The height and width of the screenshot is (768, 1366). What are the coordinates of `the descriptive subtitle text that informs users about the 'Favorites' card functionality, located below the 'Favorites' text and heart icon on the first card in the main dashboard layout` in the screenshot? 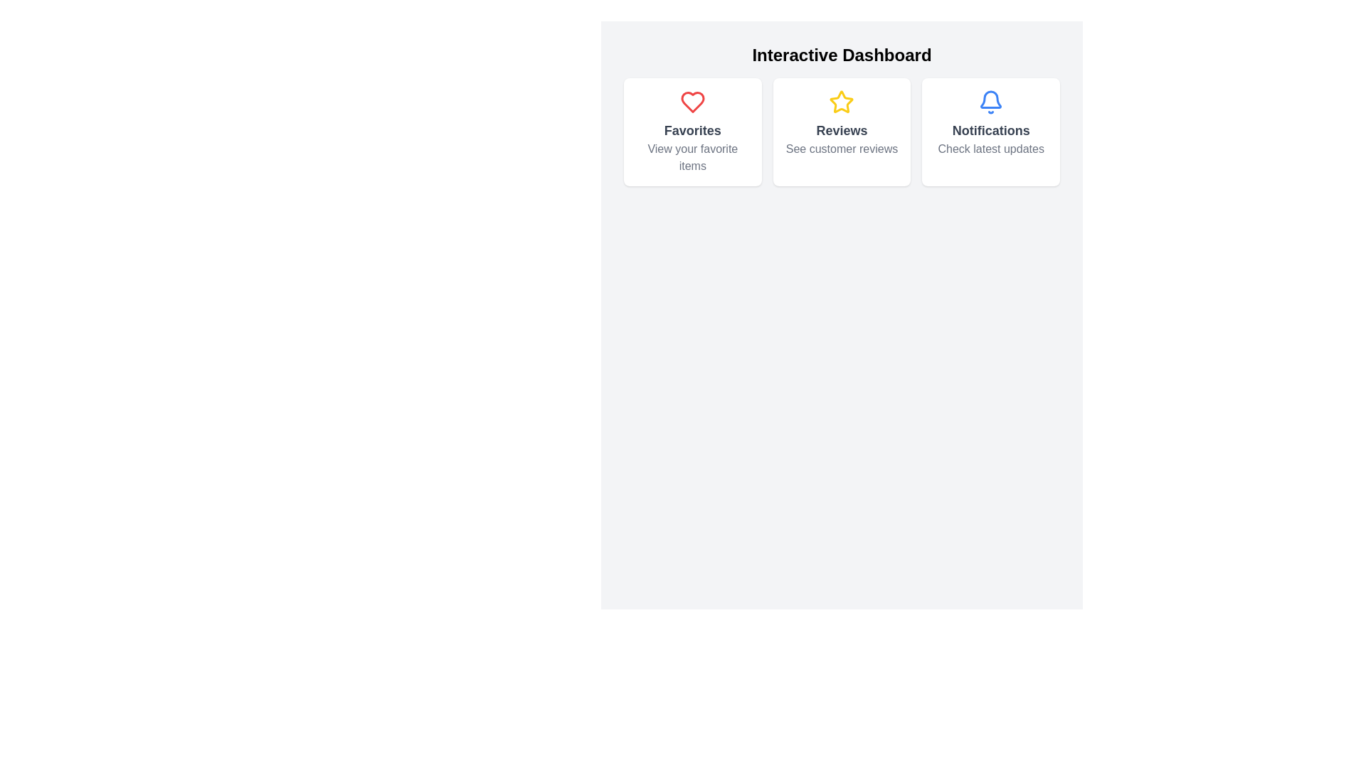 It's located at (692, 158).